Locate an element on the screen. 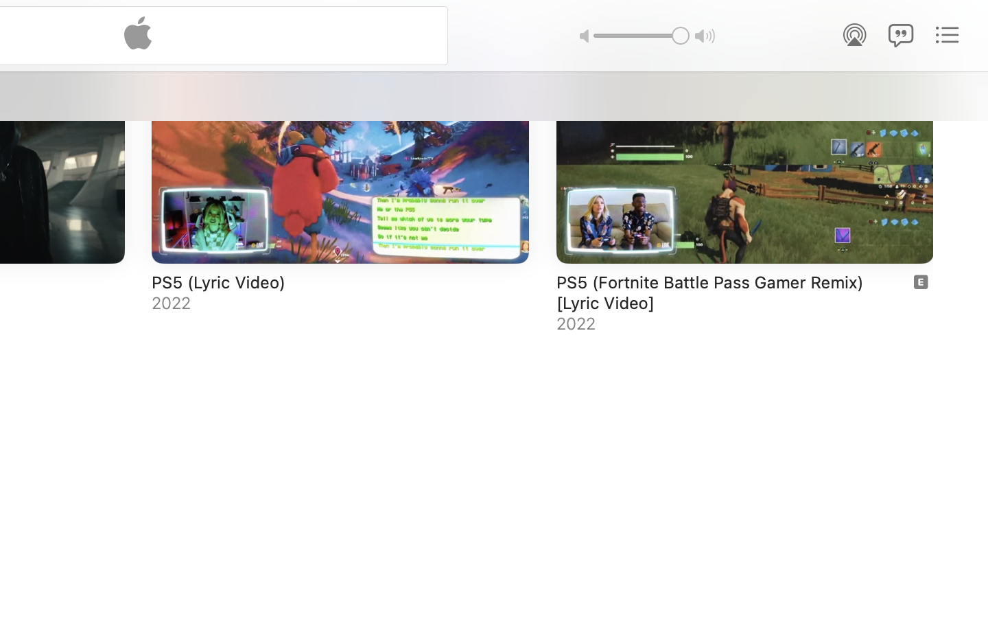 The width and height of the screenshot is (988, 618). '￼' is located at coordinates (919, 282).